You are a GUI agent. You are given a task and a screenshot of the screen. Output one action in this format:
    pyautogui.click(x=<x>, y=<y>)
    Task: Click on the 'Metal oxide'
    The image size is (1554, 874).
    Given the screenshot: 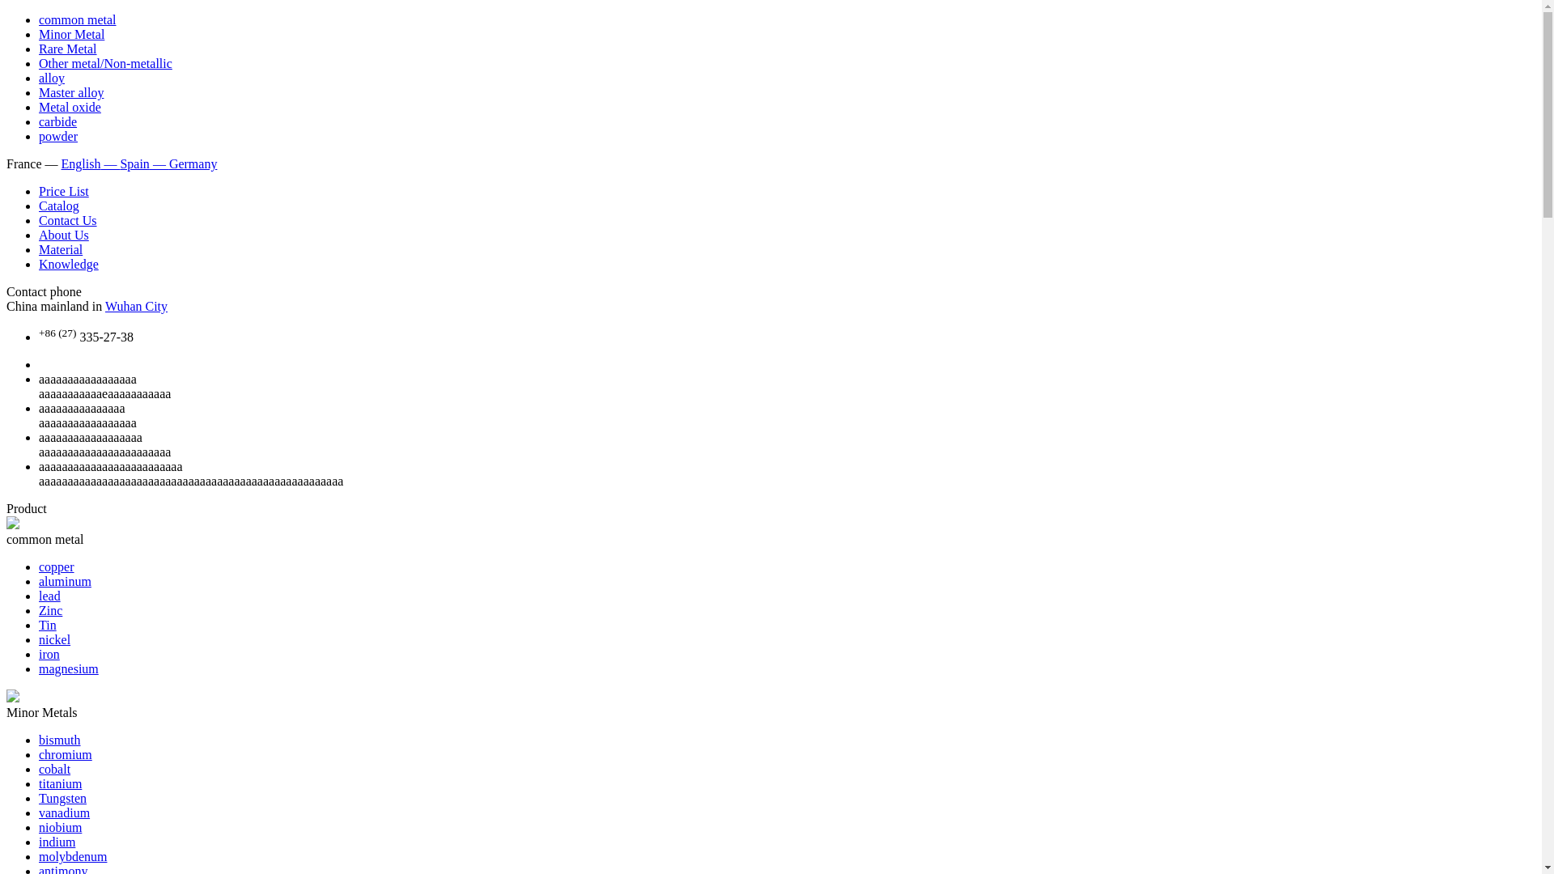 What is the action you would take?
    pyautogui.click(x=39, y=107)
    